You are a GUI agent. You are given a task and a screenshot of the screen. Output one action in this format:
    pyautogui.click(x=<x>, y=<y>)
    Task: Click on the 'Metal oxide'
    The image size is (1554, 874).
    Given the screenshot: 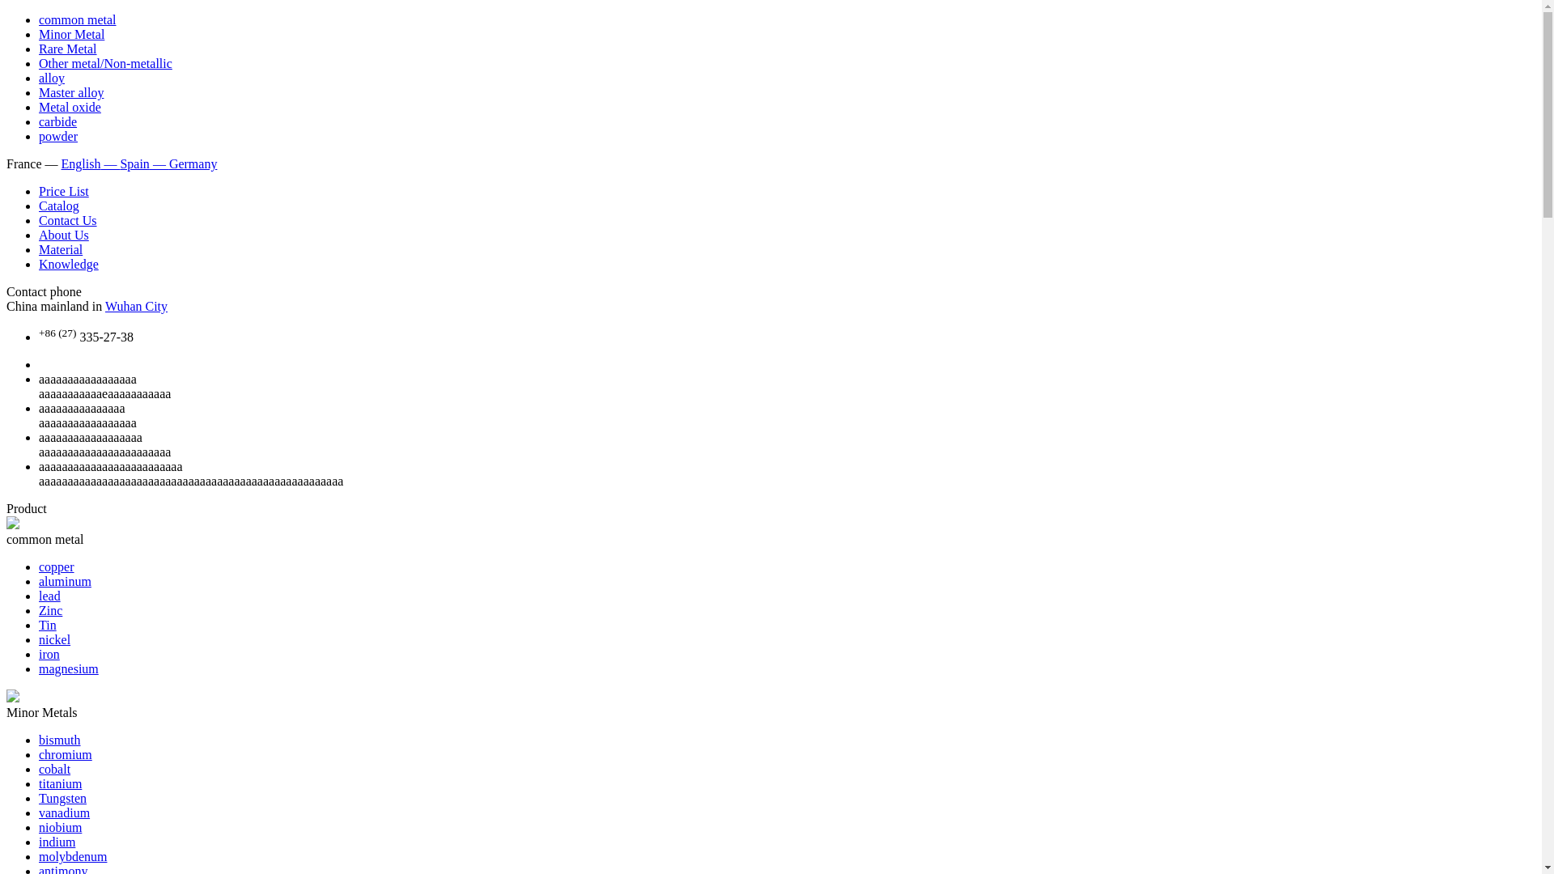 What is the action you would take?
    pyautogui.click(x=39, y=107)
    